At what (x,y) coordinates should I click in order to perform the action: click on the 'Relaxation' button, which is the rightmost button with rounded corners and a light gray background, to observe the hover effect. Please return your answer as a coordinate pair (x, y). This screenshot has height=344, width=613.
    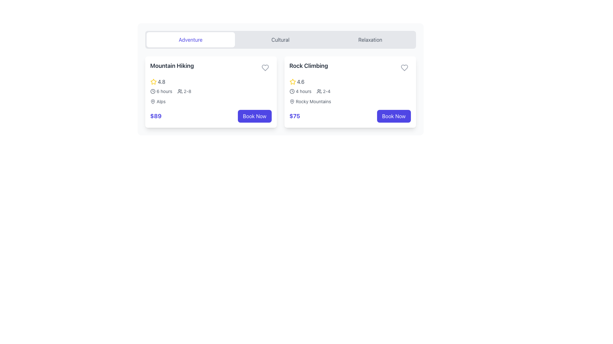
    Looking at the image, I should click on (370, 39).